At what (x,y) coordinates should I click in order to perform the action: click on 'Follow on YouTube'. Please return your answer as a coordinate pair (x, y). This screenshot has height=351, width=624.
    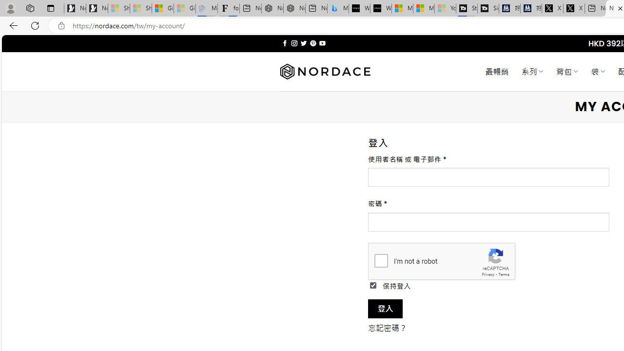
    Looking at the image, I should click on (322, 43).